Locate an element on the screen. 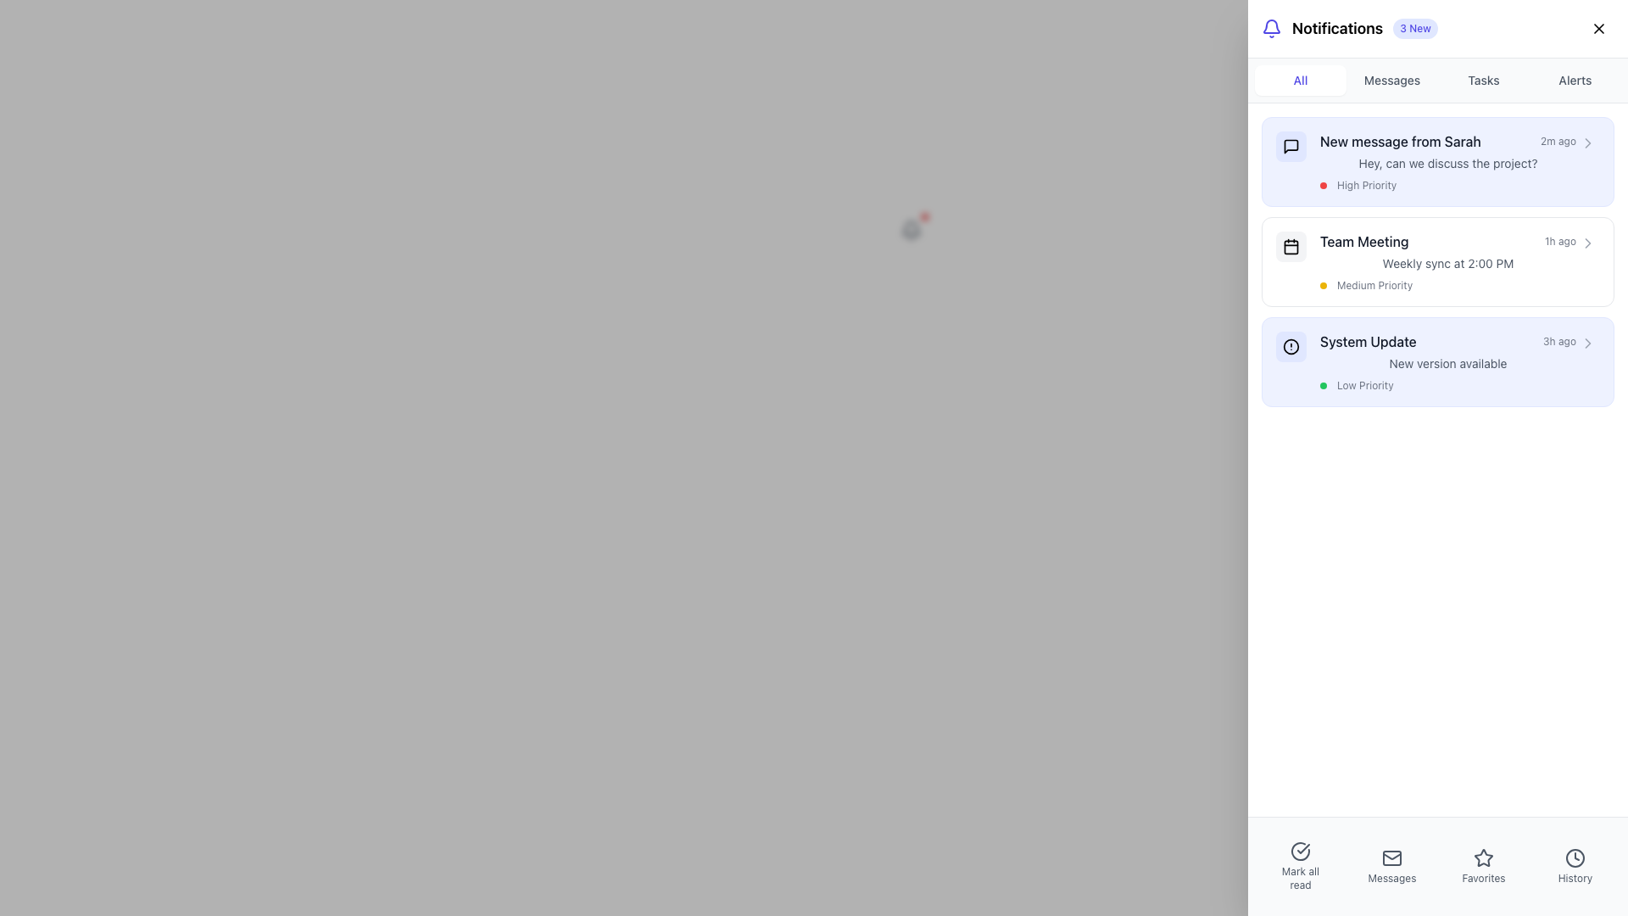 This screenshot has height=916, width=1628. the chevron icon button located on the far-right side of the 'System Update' notification is located at coordinates (1586, 343).